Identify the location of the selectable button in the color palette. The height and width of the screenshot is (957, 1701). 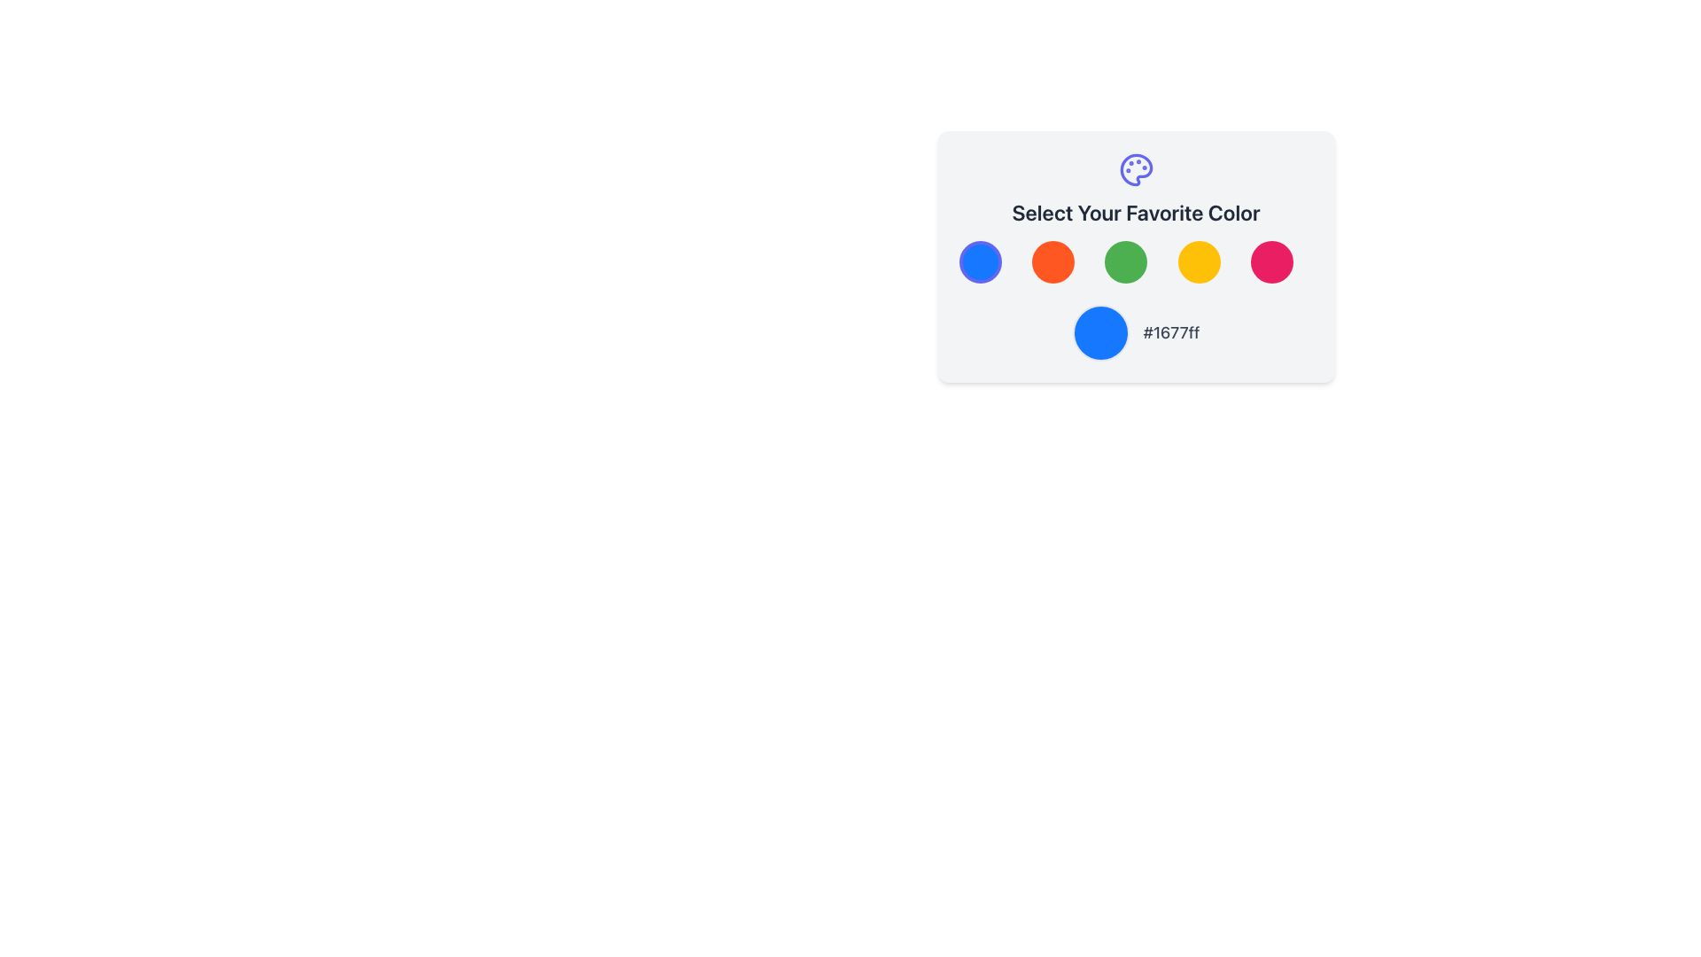
(1270, 262).